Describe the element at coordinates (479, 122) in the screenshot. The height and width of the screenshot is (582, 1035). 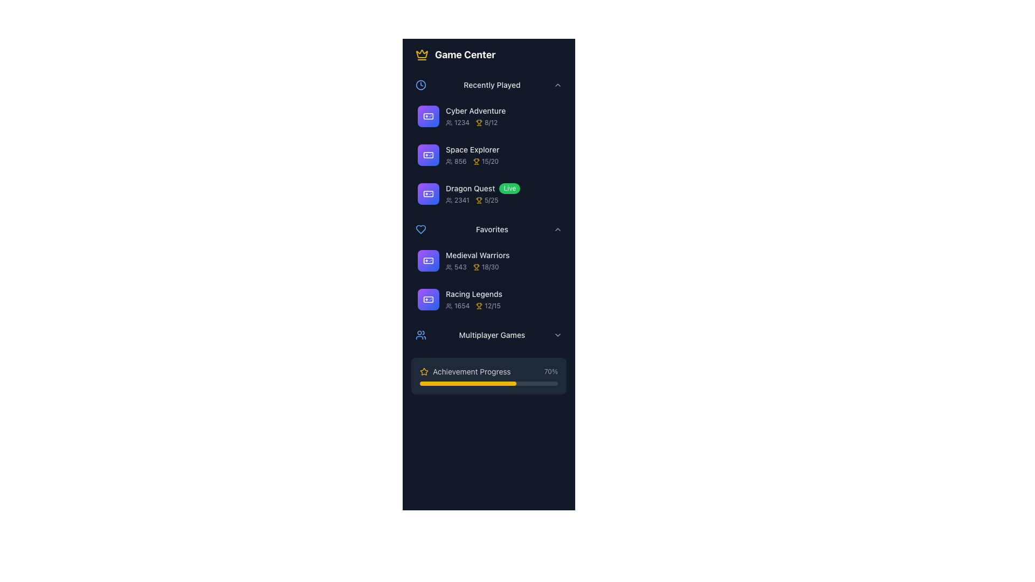
I see `the achievement trophy icon located to the right of 'Cyber Adventure' and before '8/12' in the 'Recently Played' section` at that location.